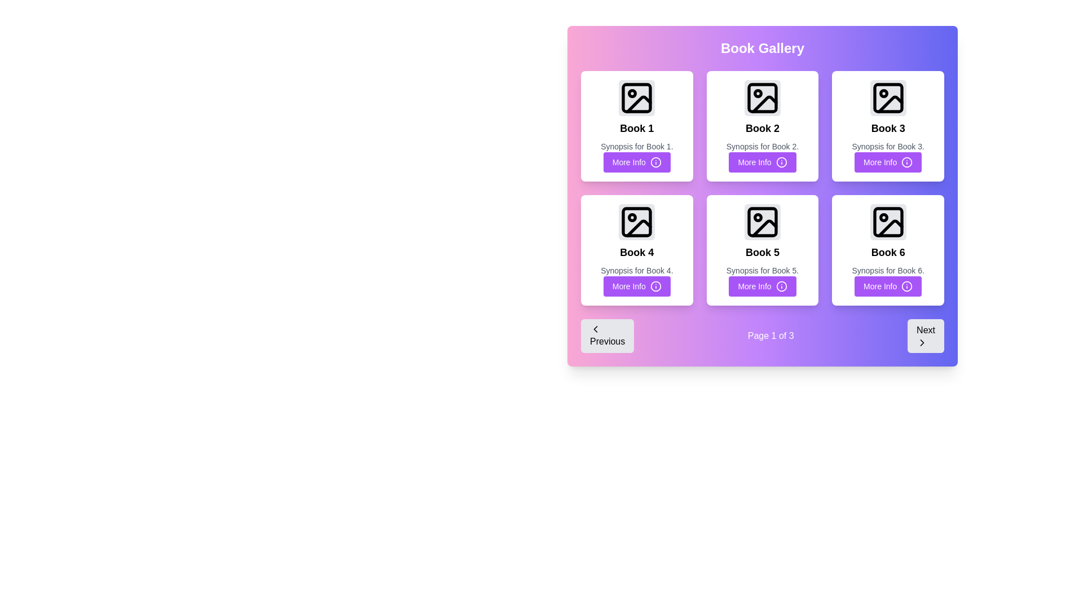 The width and height of the screenshot is (1083, 609). I want to click on the decorative rectangular UI shape located within the 'Book 4' card in the second row, first column of the grid, so click(637, 222).